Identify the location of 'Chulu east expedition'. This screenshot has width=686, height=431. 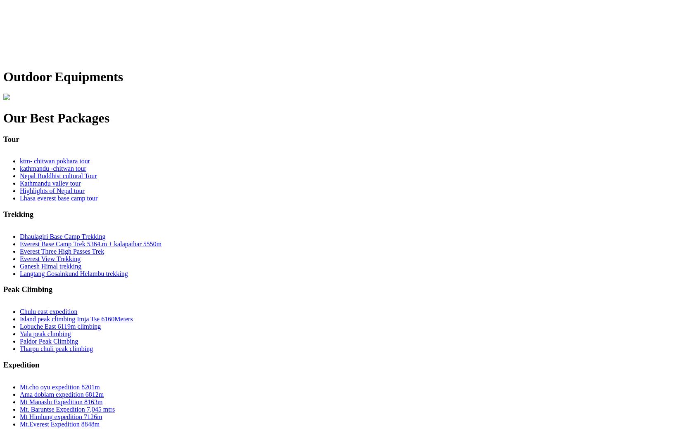
(48, 311).